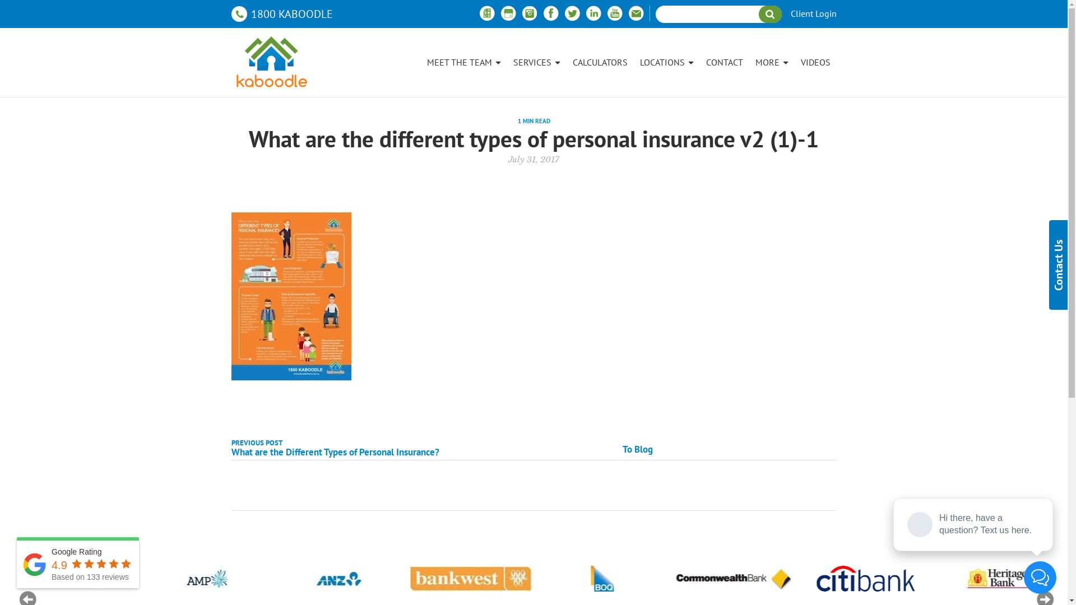 This screenshot has height=605, width=1076. What do you see at coordinates (854, 579) in the screenshot?
I see `'Logo 08'` at bounding box center [854, 579].